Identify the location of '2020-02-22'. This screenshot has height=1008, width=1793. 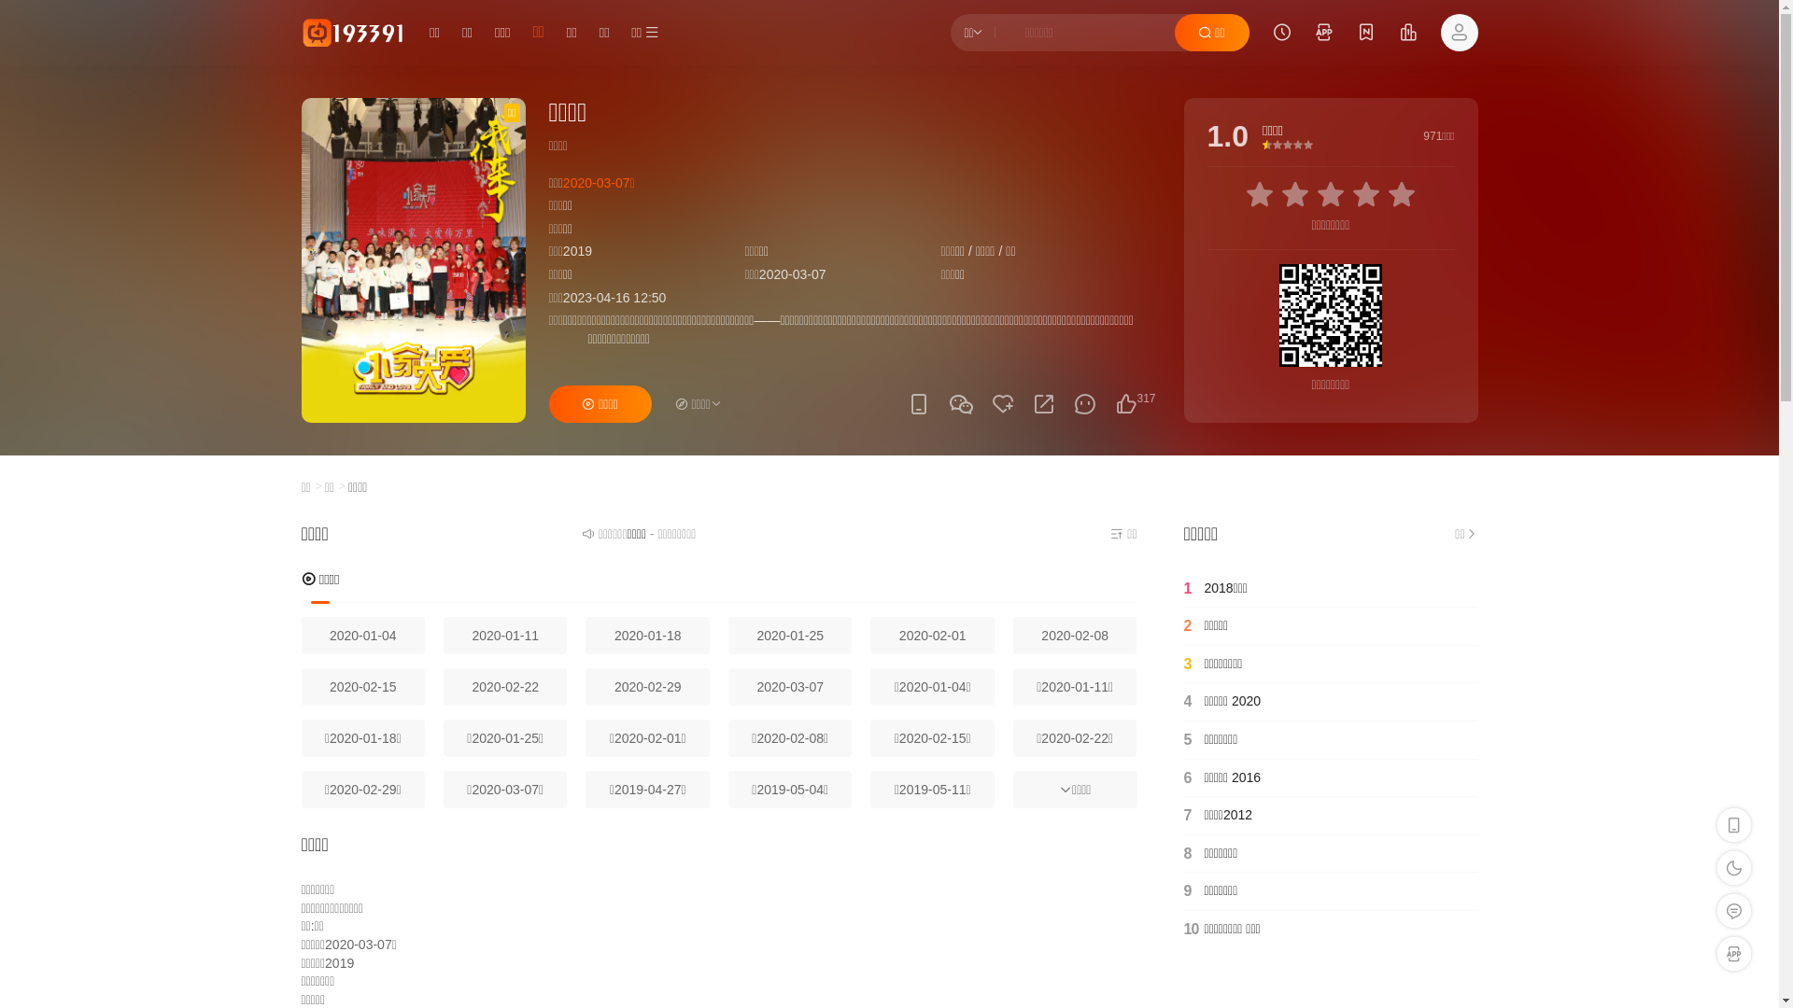
(443, 687).